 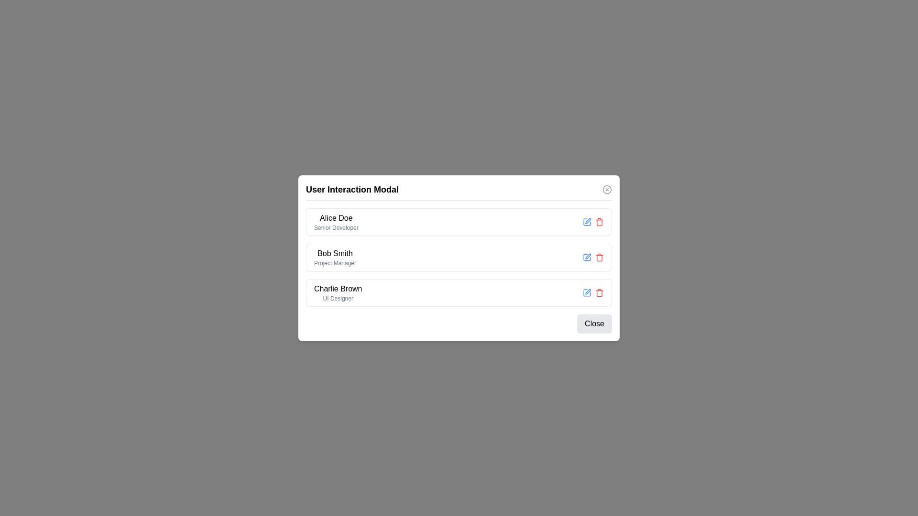 What do you see at coordinates (588, 291) in the screenshot?
I see `the pen icon representing the edit function in the last user's information row labeled 'Charlie Brown - UI Designer'` at bounding box center [588, 291].